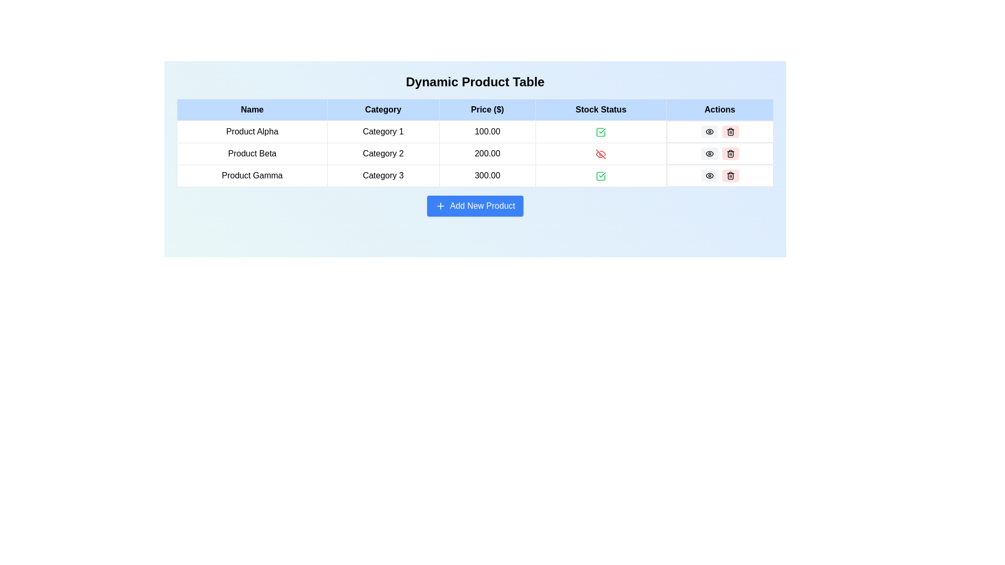 This screenshot has width=1005, height=565. What do you see at coordinates (730, 131) in the screenshot?
I see `the delete button located on the right side of the actions column in the second row of the dynamic product table` at bounding box center [730, 131].